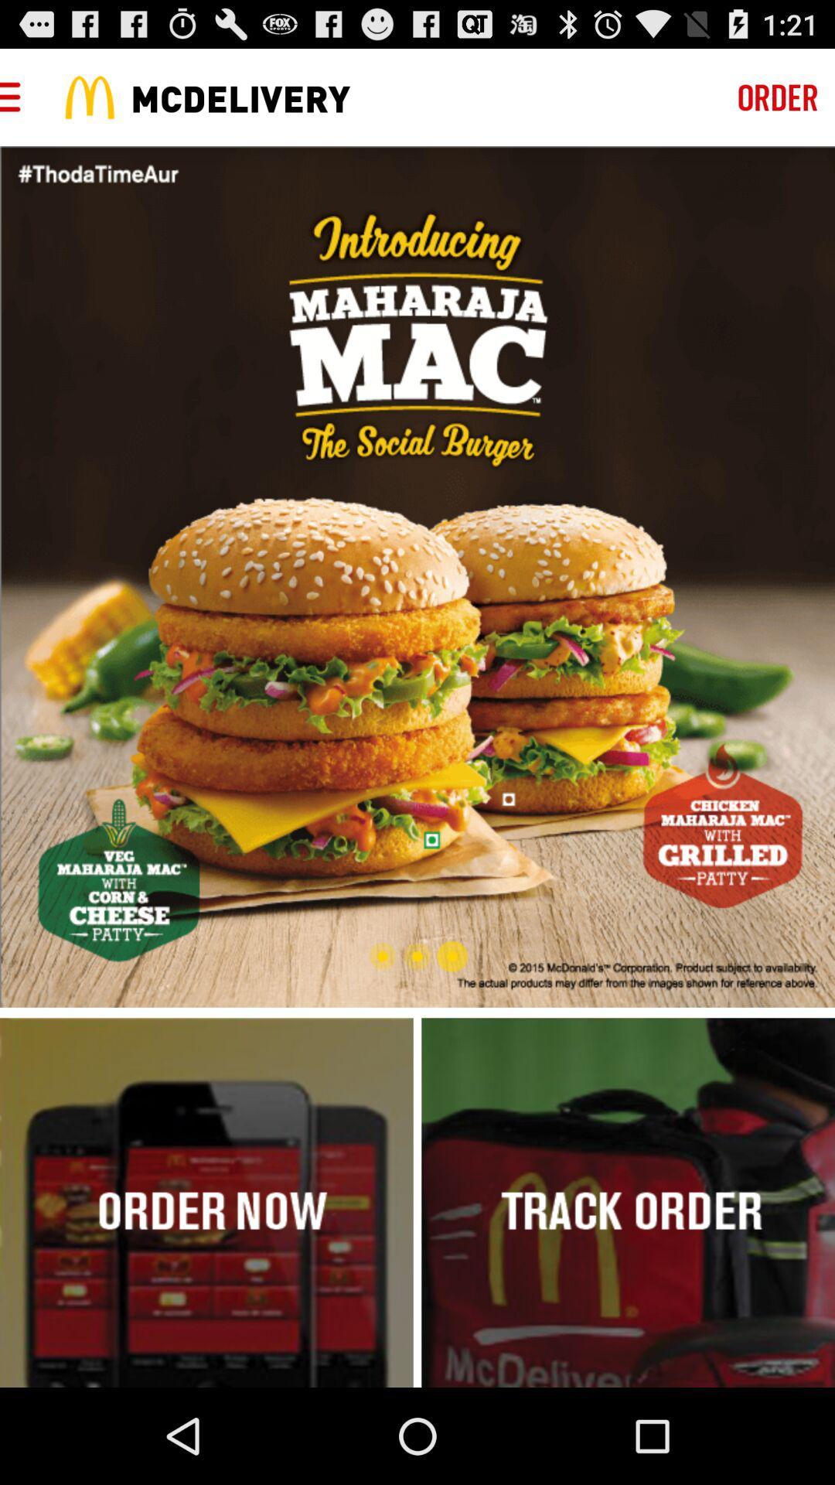 Image resolution: width=835 pixels, height=1485 pixels. I want to click on the icon which is left side of the mcdelivery, so click(89, 96).